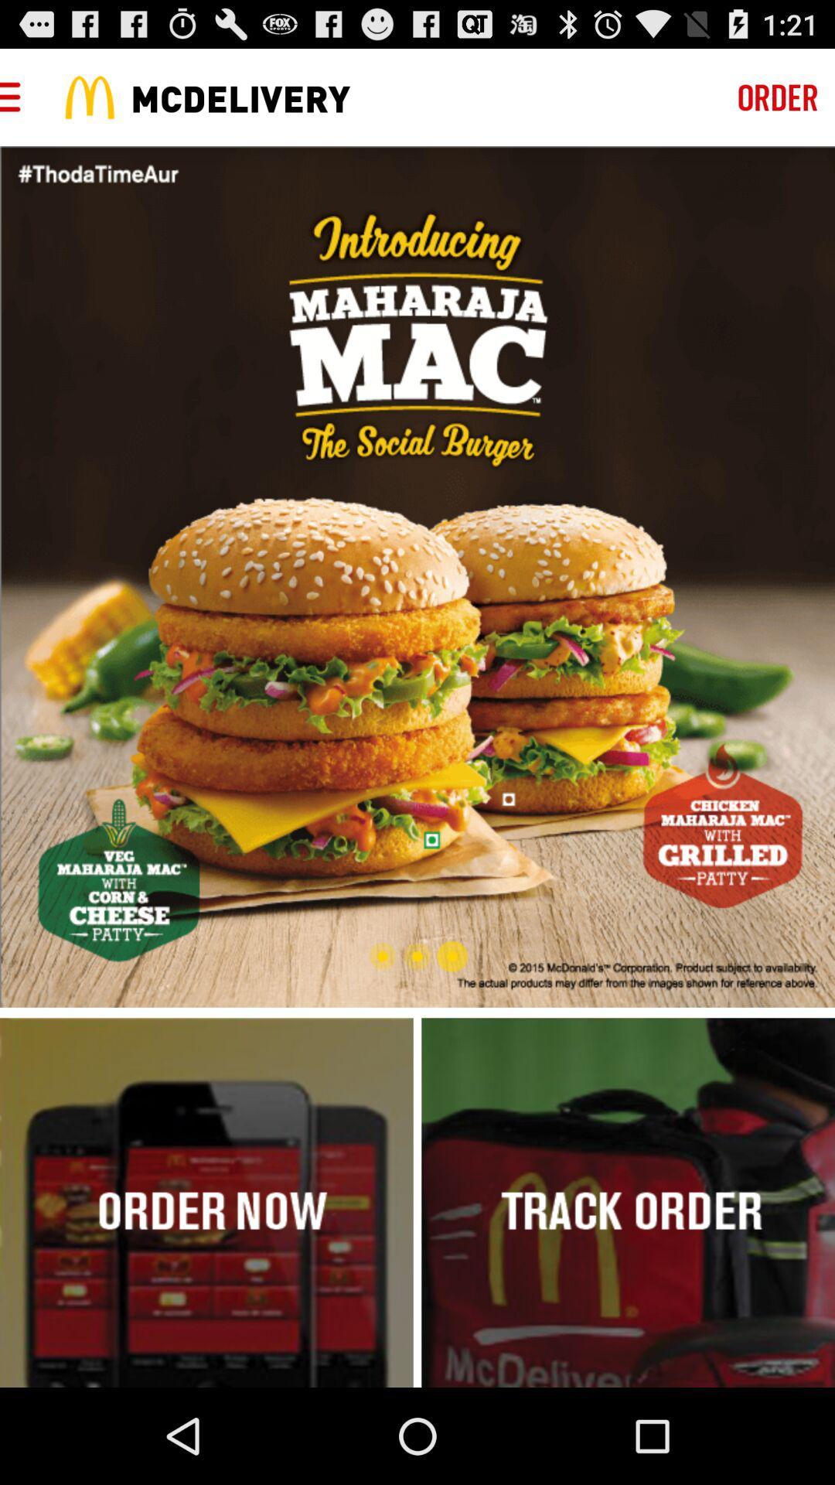 Image resolution: width=835 pixels, height=1485 pixels. I want to click on the icon which is left side of the mcdelivery, so click(89, 96).